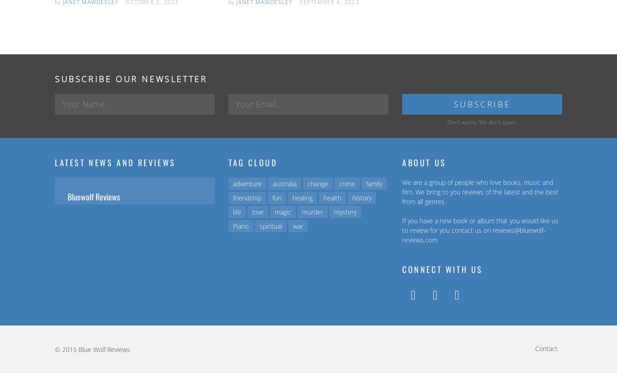 The width and height of the screenshot is (617, 373). What do you see at coordinates (298, 226) in the screenshot?
I see `'war'` at bounding box center [298, 226].